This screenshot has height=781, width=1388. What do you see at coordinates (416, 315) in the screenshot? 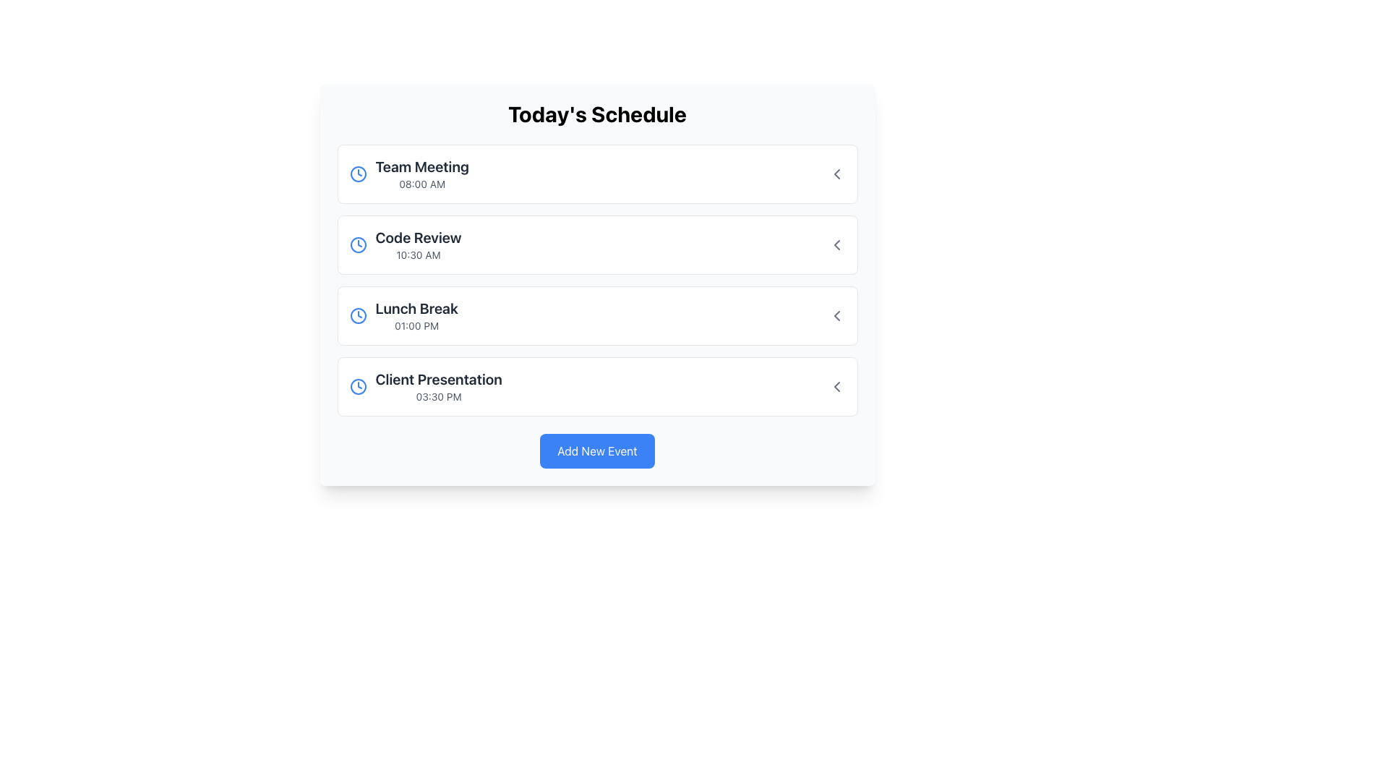
I see `the 'Lunch Break' text display element in the 'Today's Schedule' panel` at bounding box center [416, 315].